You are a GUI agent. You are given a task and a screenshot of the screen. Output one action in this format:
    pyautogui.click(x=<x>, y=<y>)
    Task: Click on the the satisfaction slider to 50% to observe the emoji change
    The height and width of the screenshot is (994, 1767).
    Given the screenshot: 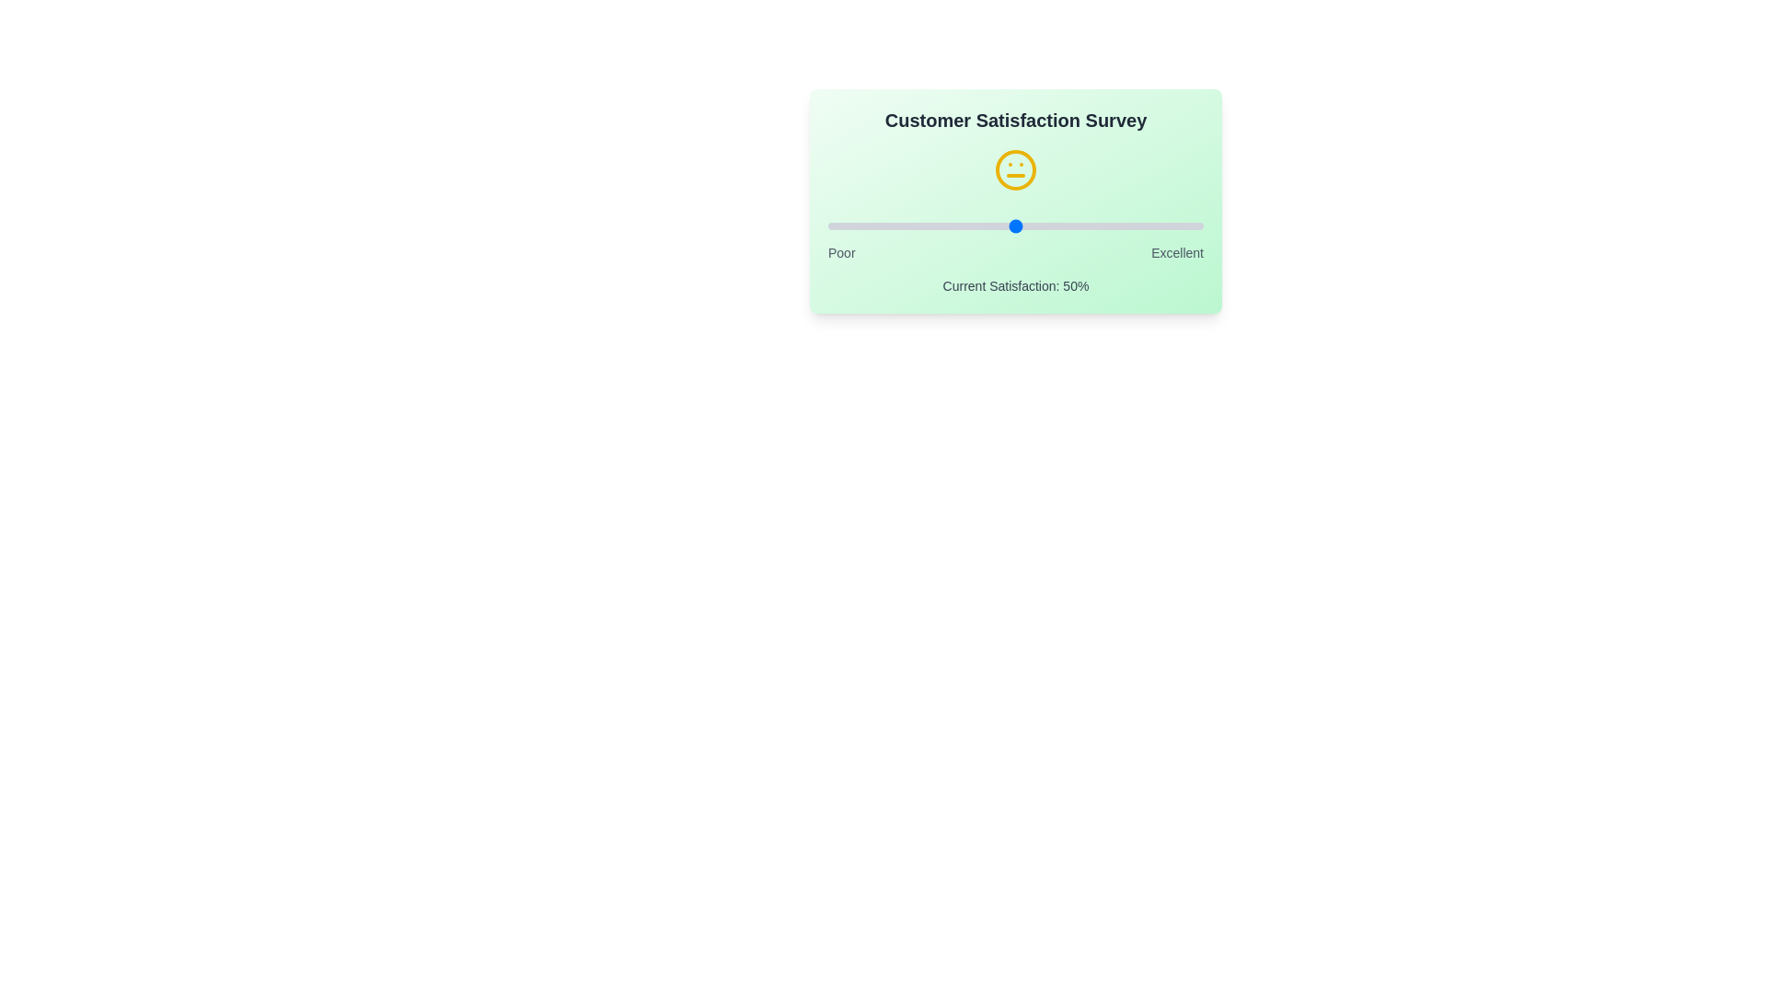 What is the action you would take?
    pyautogui.click(x=1015, y=225)
    